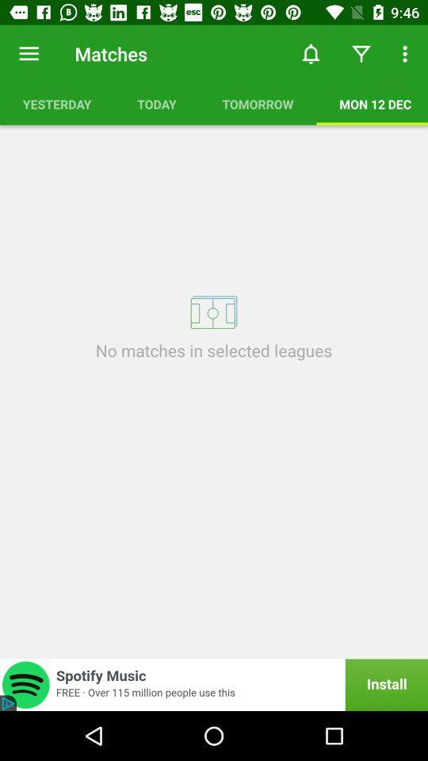 This screenshot has width=428, height=761. Describe the element at coordinates (56, 103) in the screenshot. I see `icon next to today icon` at that location.